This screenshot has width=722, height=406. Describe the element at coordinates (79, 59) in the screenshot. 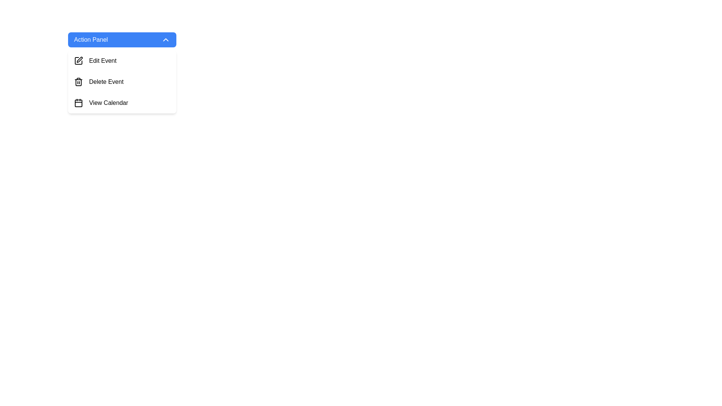

I see `the edit icon located in the 'Action Panel' dropdown preceding the 'Edit Event' option` at that location.